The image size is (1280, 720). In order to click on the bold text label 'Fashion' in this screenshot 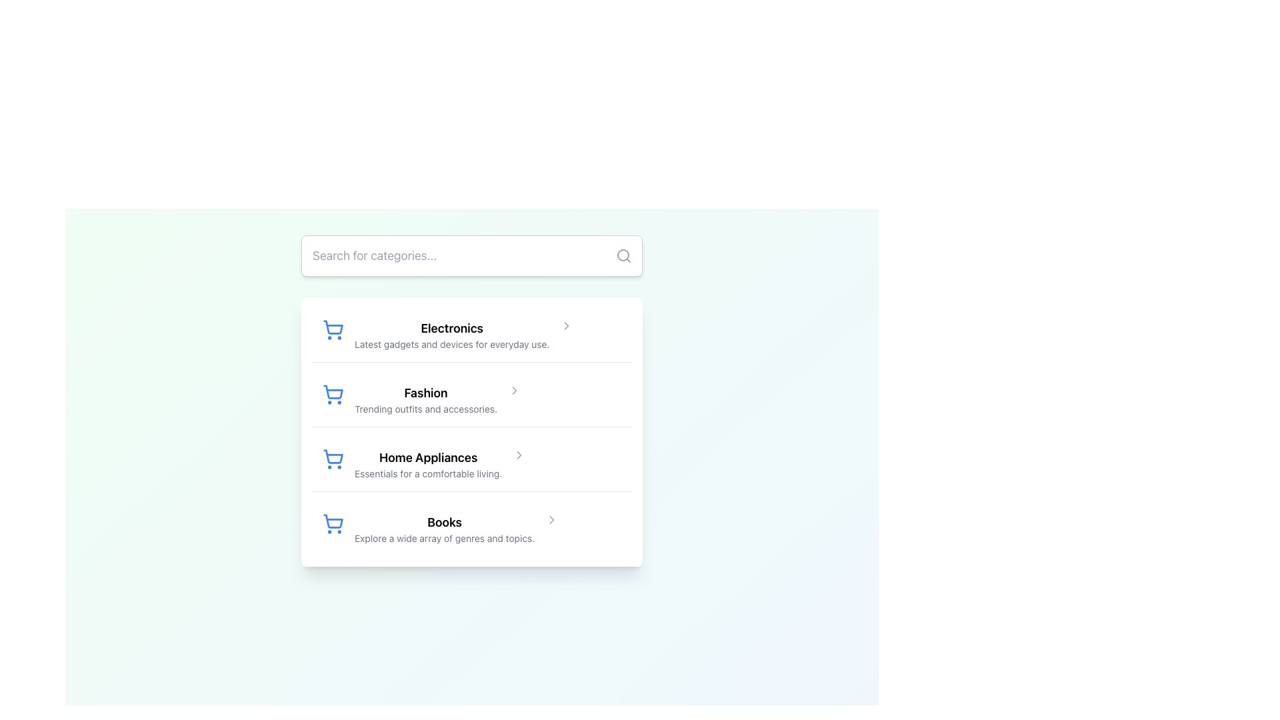, I will do `click(425, 393)`.